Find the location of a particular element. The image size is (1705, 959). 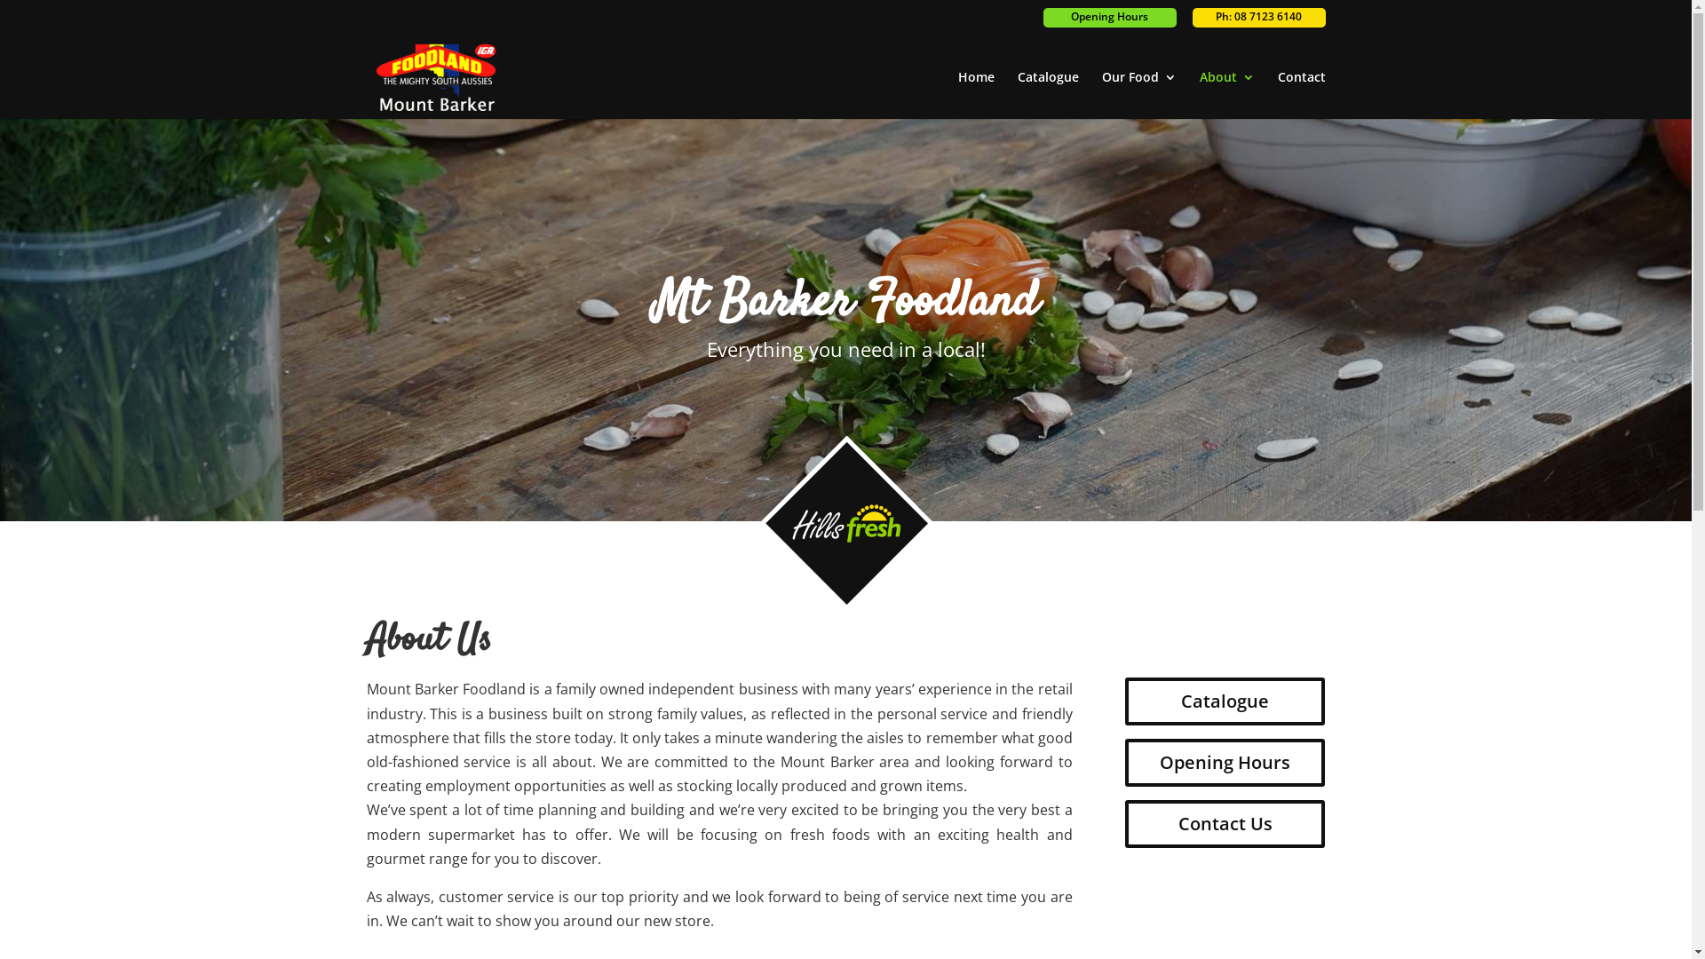

'Opening Hours' is located at coordinates (1224, 762).